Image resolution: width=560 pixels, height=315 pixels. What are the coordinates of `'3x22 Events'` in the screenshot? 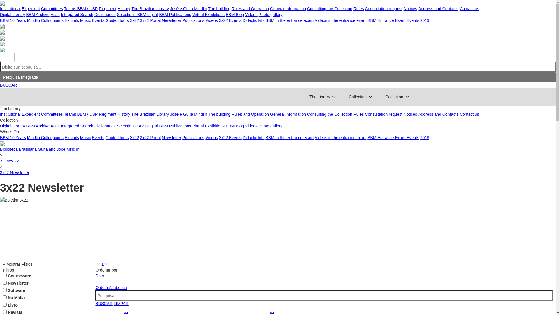 It's located at (230, 20).